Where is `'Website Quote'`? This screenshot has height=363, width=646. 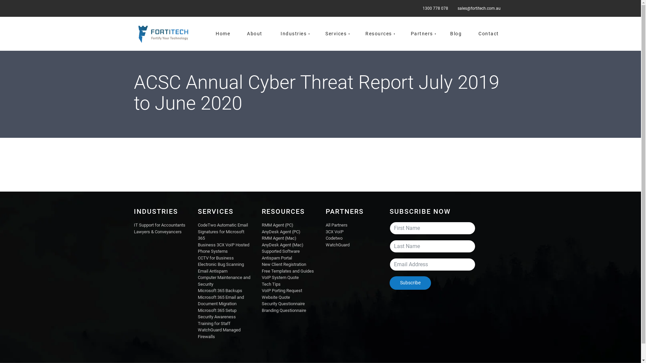 'Website Quote' is located at coordinates (276, 297).